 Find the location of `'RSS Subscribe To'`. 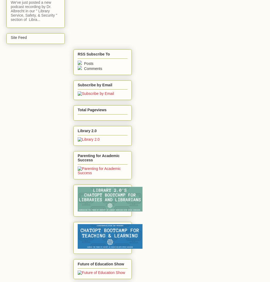

'RSS Subscribe To' is located at coordinates (78, 54).